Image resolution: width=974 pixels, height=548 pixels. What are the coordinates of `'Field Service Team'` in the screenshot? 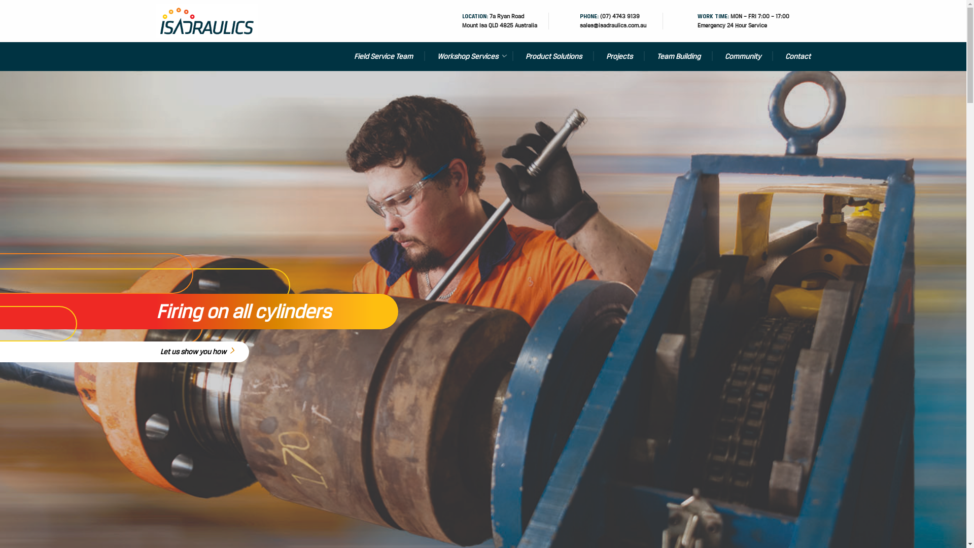 It's located at (382, 56).